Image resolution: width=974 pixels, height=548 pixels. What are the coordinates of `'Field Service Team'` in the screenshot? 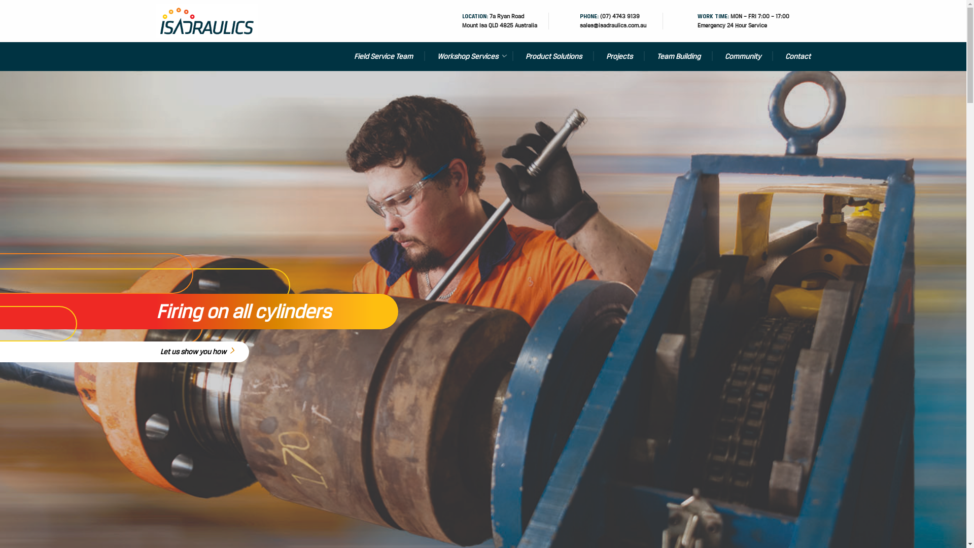 It's located at (382, 56).